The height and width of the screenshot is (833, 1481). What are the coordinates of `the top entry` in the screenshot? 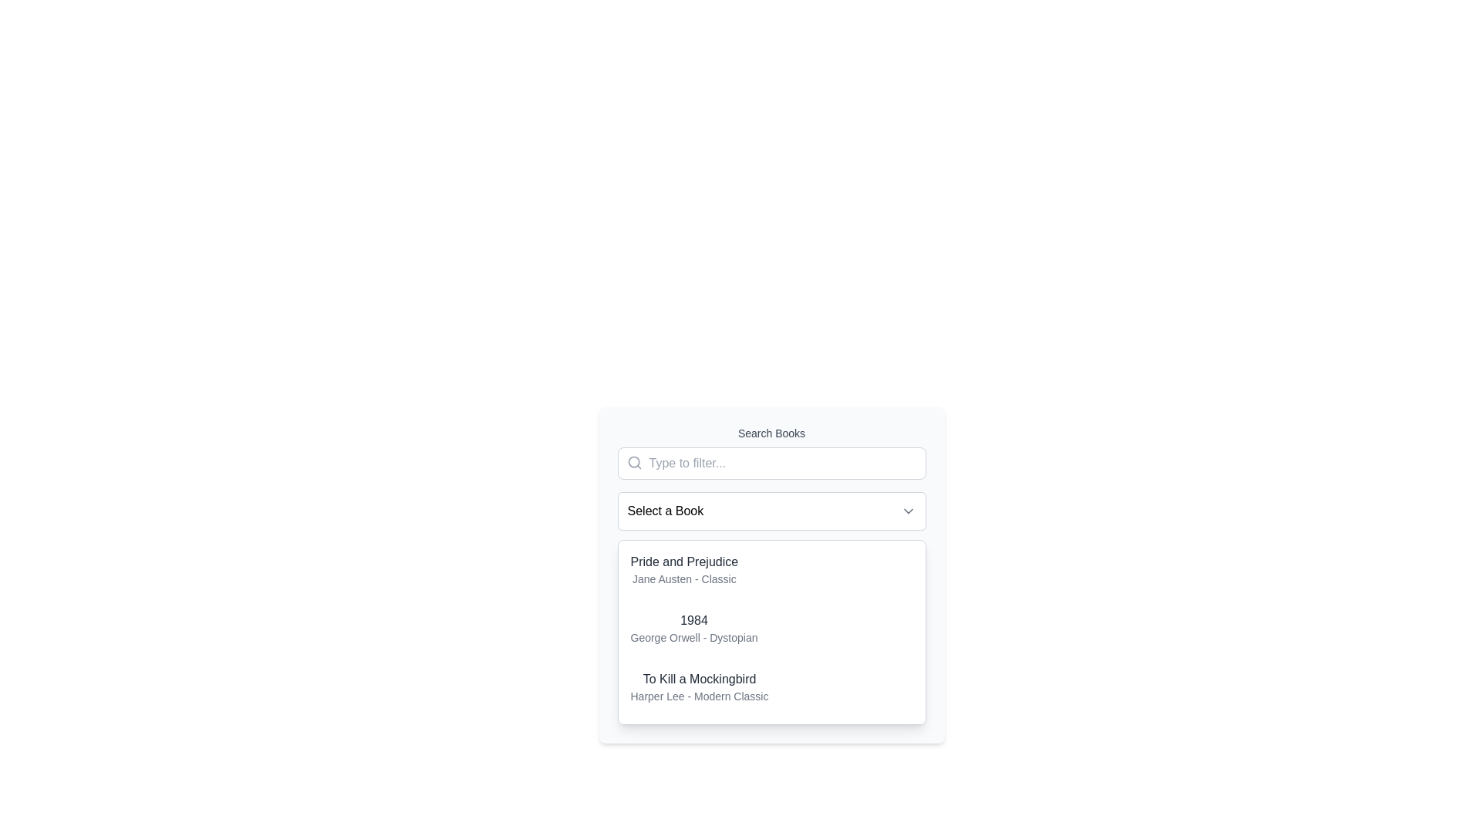 It's located at (683, 570).